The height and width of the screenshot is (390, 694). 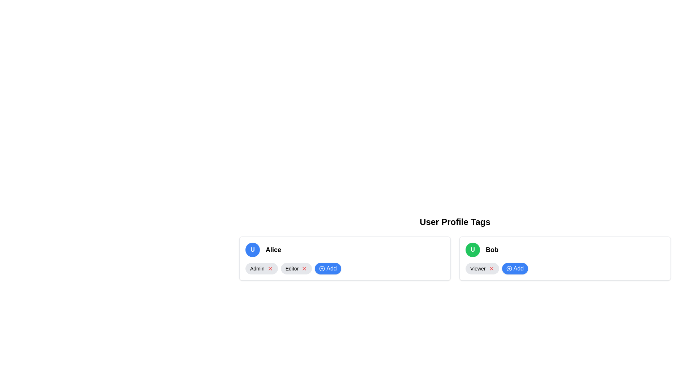 What do you see at coordinates (454, 221) in the screenshot?
I see `the 'User Profile Tags' text label, which is styled with a bold and large font and located at the top of the user profiles section` at bounding box center [454, 221].